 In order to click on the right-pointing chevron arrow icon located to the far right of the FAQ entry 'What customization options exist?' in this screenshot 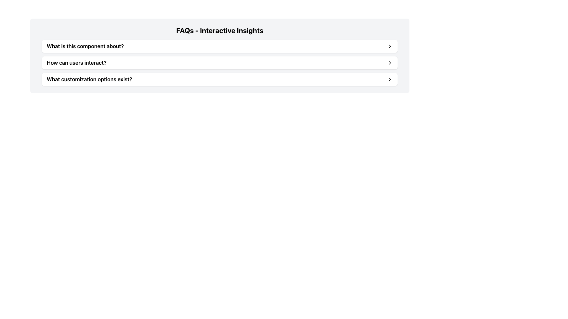, I will do `click(390, 79)`.